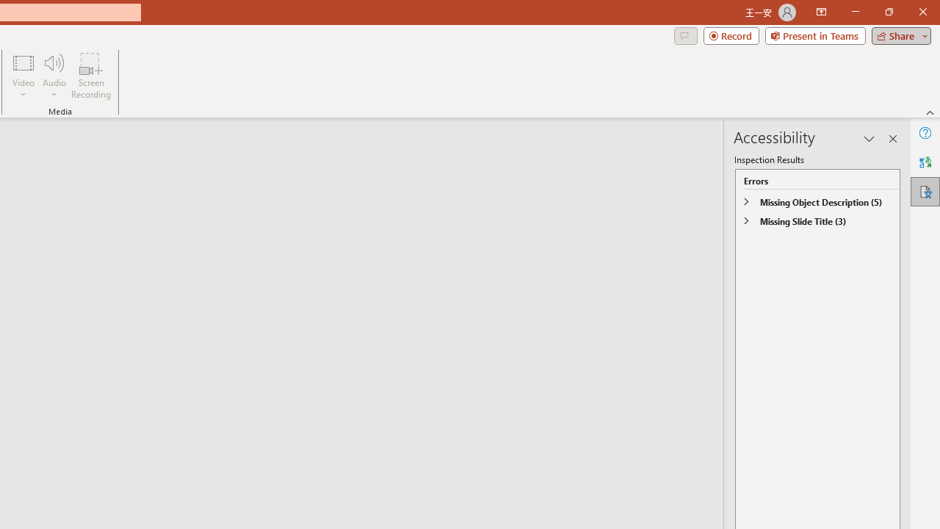 The width and height of the screenshot is (940, 529). Describe the element at coordinates (888, 12) in the screenshot. I see `'Restore Down'` at that location.